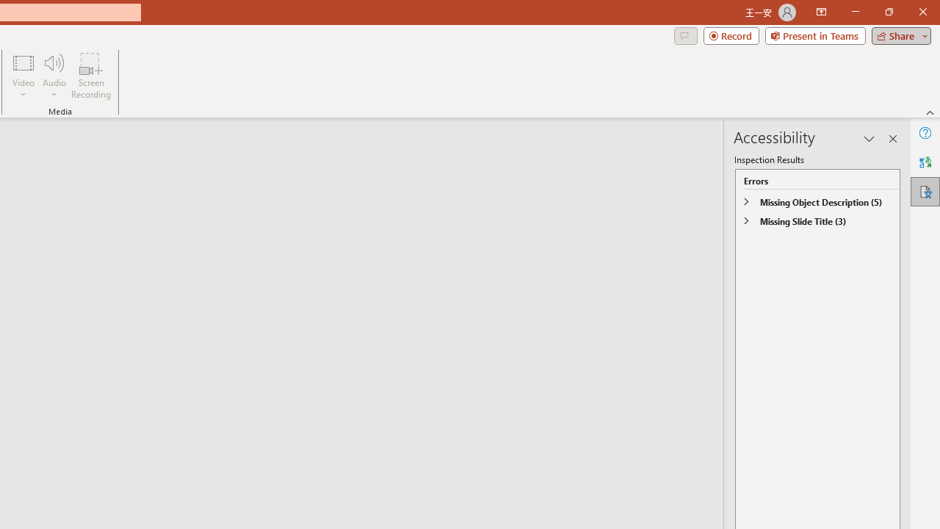 The width and height of the screenshot is (940, 529). Describe the element at coordinates (888, 12) in the screenshot. I see `'Restore Down'` at that location.